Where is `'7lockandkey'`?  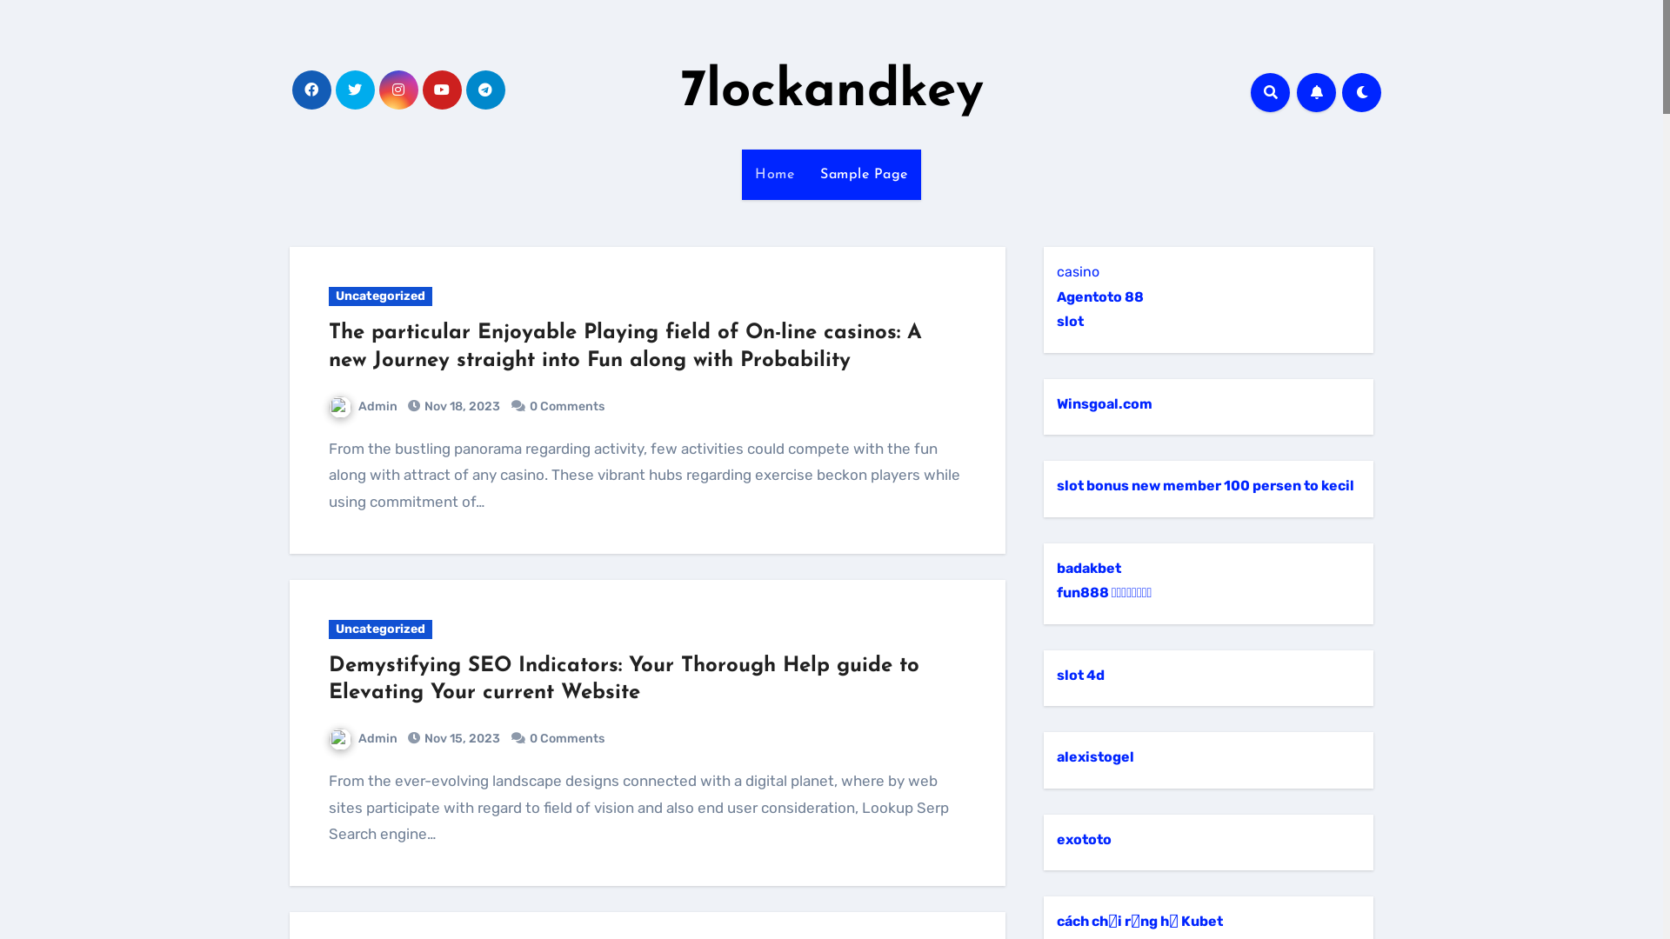 '7lockandkey' is located at coordinates (831, 91).